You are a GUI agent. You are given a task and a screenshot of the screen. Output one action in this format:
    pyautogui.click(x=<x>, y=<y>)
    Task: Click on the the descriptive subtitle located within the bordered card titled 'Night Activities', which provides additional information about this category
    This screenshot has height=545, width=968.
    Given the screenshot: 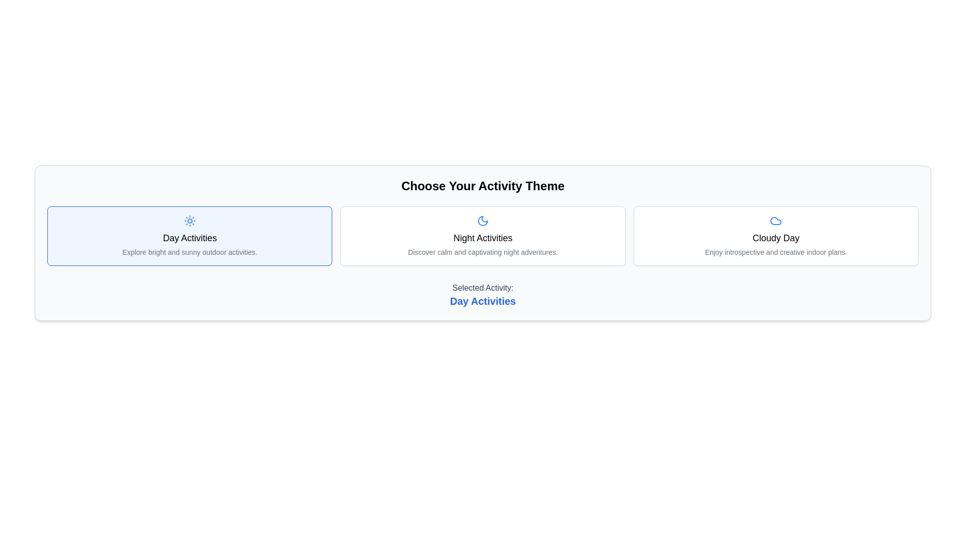 What is the action you would take?
    pyautogui.click(x=482, y=252)
    